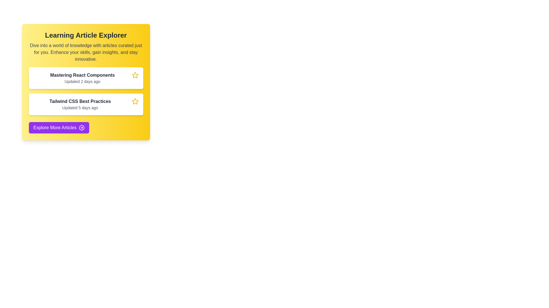 The width and height of the screenshot is (549, 308). What do you see at coordinates (82, 78) in the screenshot?
I see `the article title text block located at the top of the vertical list within the yellow card labeled 'Learning Article Explorer'` at bounding box center [82, 78].